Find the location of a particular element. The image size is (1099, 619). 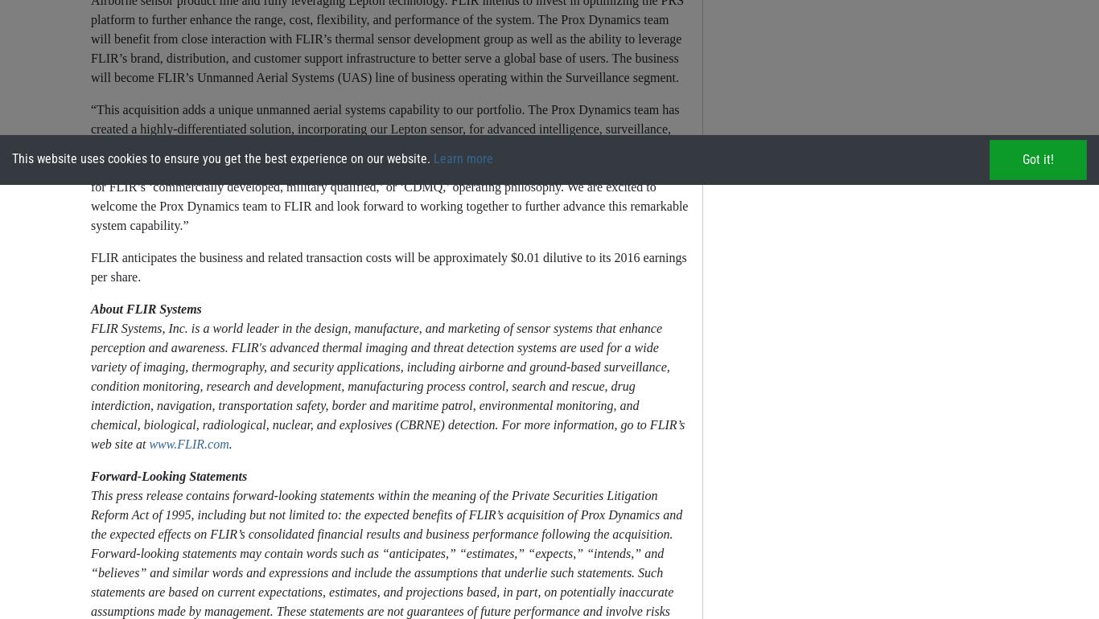

'FLIR Systems, Inc. is a world leader in the design, manufacture, and marketing of sensor systems that enhance perception and awareness. FLIR's advanced thermal imaging and threat detection systems are used for a wide variety of imaging, thermography, and security applications, including airborne and ground-based surveillance, condition monitoring, research and development, manufacturing process control, search and rescue, drug interdiction, navigation, transportation safety, border and maritime patrol, environmental monitoring, and chemical, biological, radiological, nuclear, and explosives (CBRNE) detection. For more information, go to FLIR’s web site at' is located at coordinates (90, 385).